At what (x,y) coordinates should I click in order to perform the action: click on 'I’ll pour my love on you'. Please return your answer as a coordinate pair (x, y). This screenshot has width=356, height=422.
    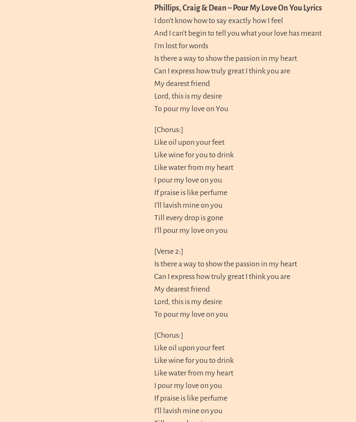
    Looking at the image, I should click on (190, 229).